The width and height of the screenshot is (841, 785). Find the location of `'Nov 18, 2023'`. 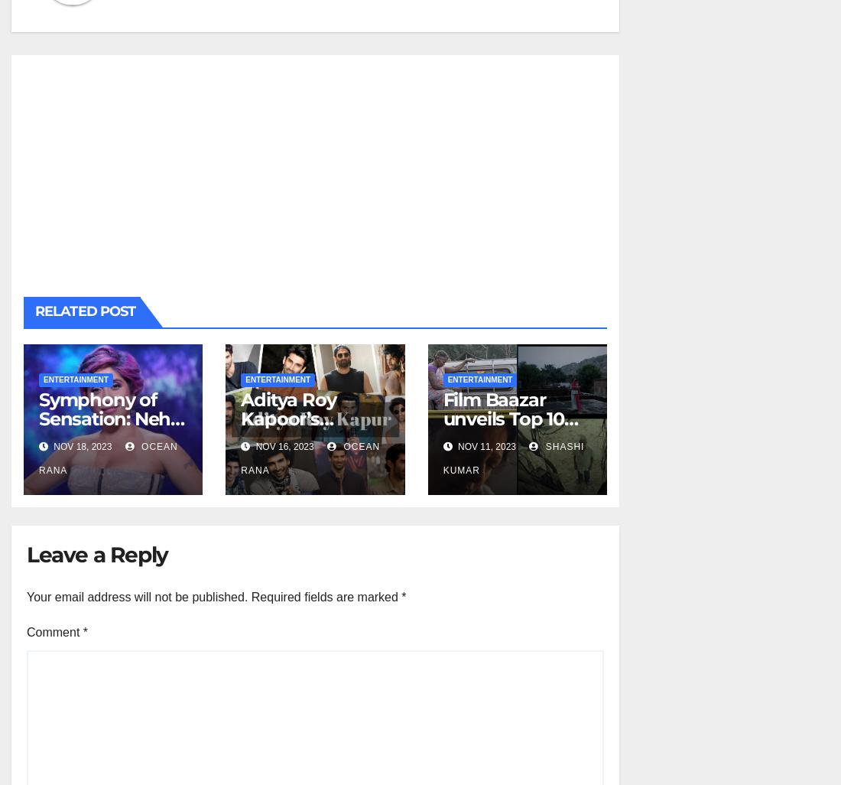

'Nov 18, 2023' is located at coordinates (83, 445).